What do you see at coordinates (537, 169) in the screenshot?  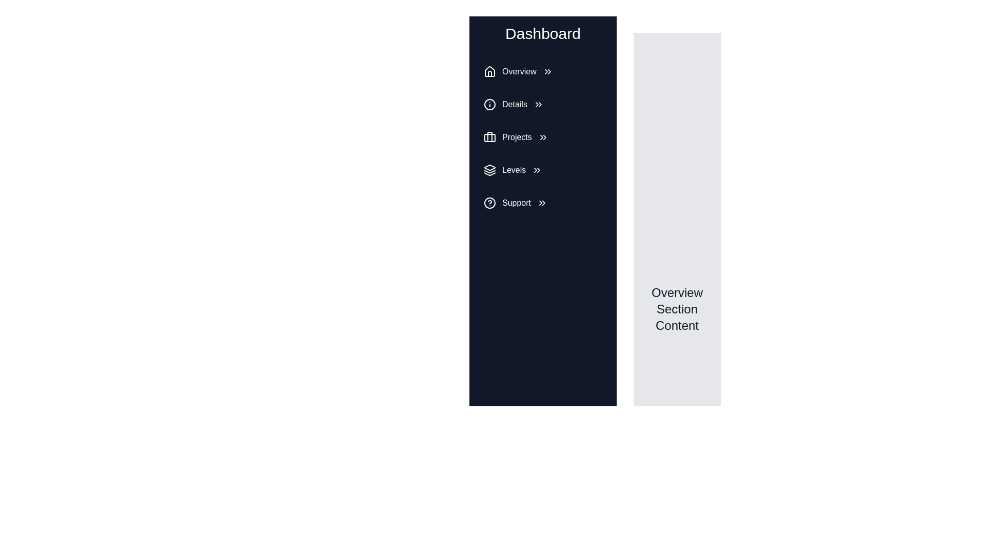 I see `assistive interaction methods on the navigation indicator icon, which is a double-chevron icon located` at bounding box center [537, 169].